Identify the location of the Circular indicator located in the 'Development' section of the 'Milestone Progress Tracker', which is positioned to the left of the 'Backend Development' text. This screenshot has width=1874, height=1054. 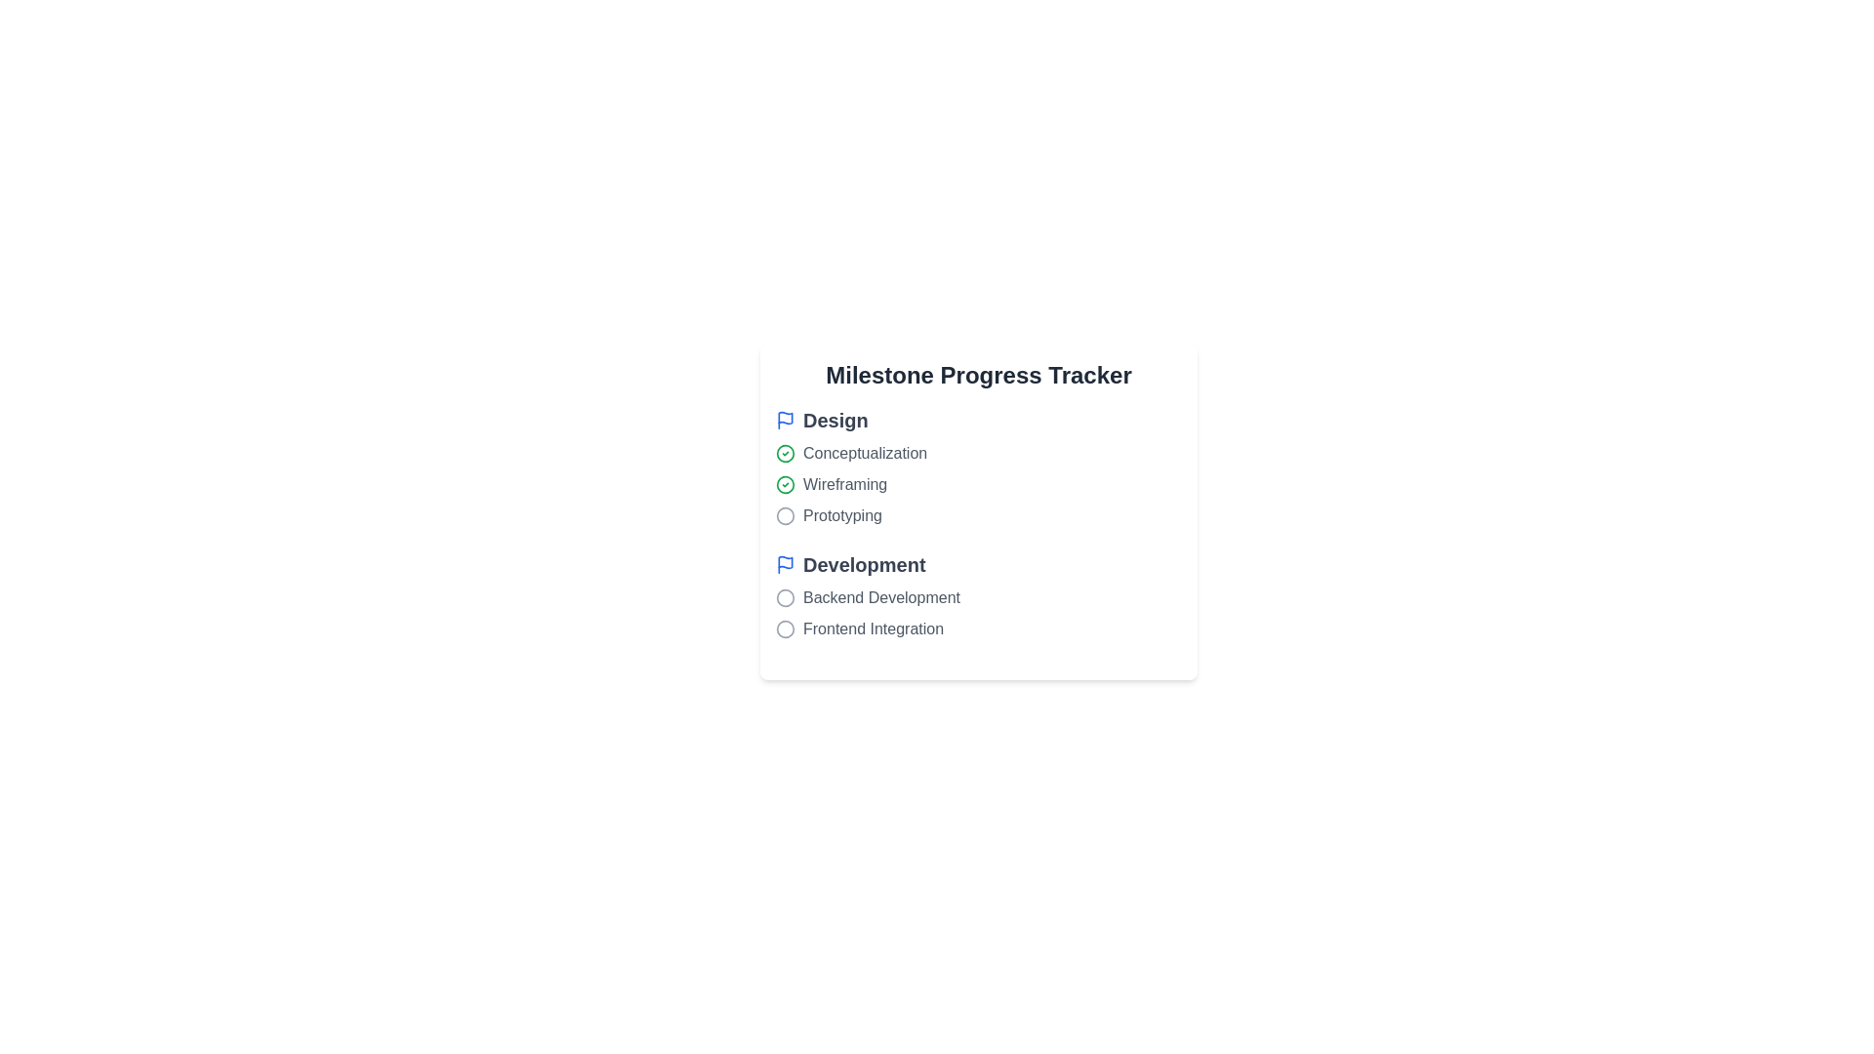
(786, 597).